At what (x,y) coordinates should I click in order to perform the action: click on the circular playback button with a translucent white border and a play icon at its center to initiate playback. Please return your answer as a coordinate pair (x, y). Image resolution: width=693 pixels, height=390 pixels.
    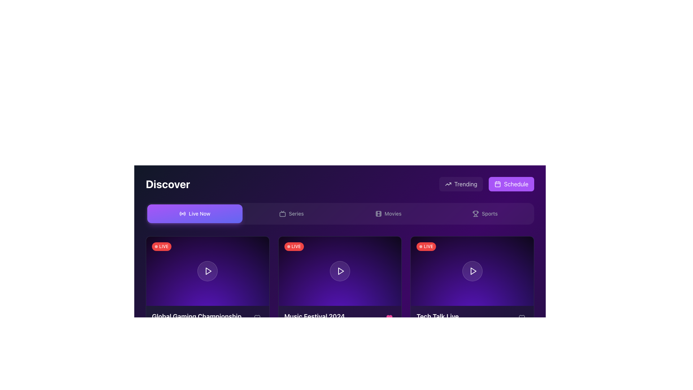
    Looking at the image, I should click on (339, 271).